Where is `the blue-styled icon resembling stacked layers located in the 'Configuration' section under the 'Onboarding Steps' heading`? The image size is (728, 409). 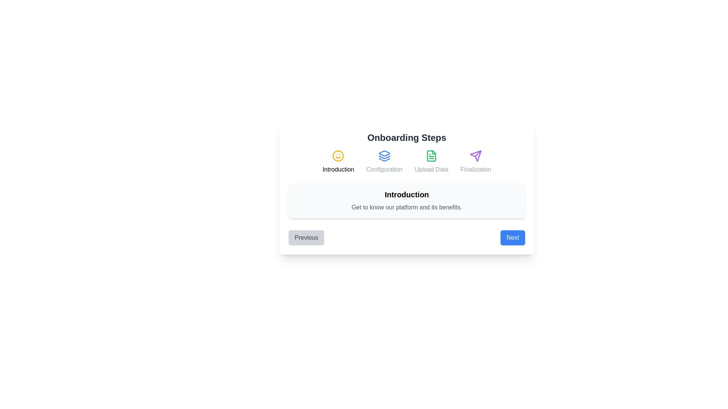 the blue-styled icon resembling stacked layers located in the 'Configuration' section under the 'Onboarding Steps' heading is located at coordinates (384, 156).